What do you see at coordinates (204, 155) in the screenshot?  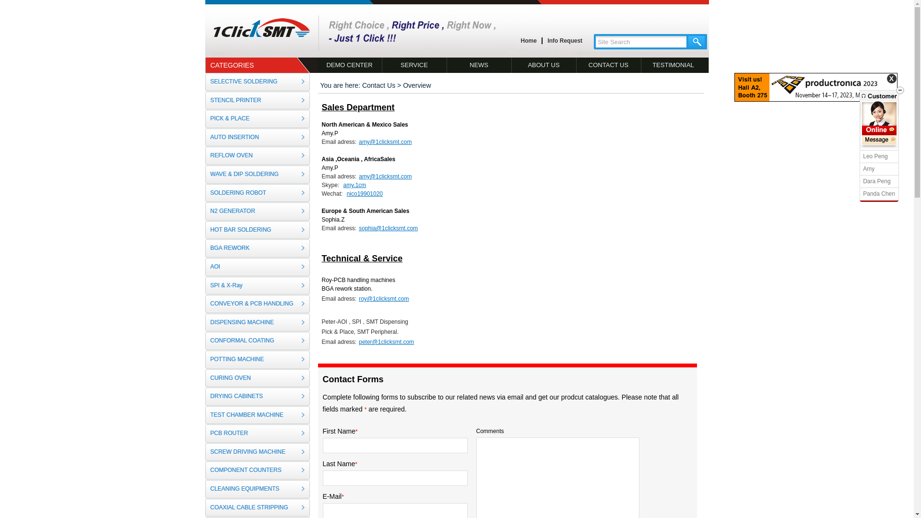 I see `'REFLOW OVEN'` at bounding box center [204, 155].